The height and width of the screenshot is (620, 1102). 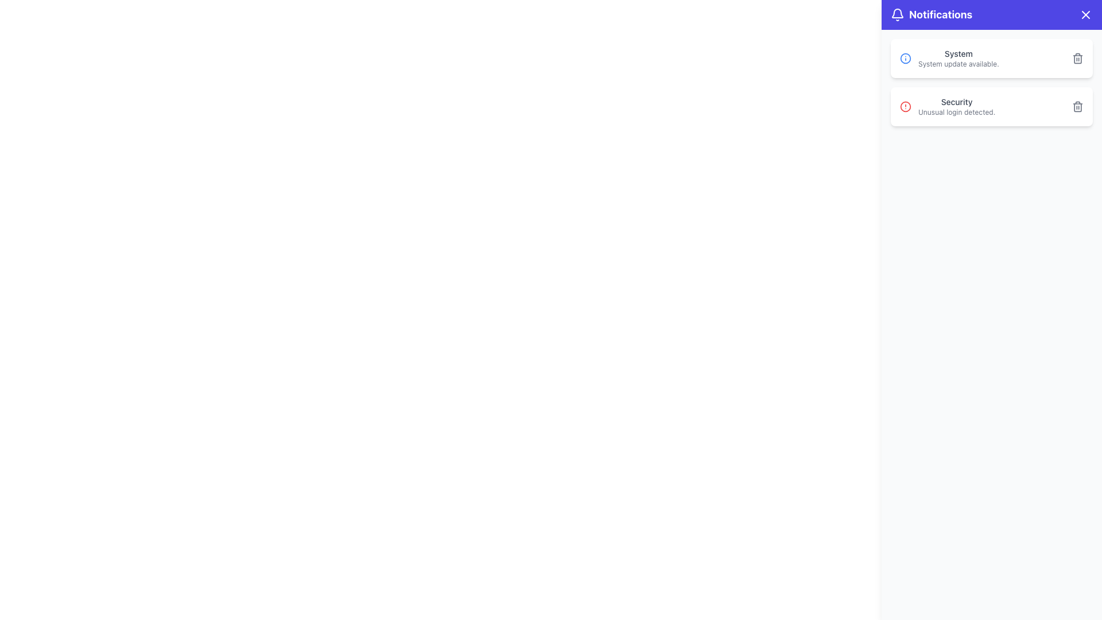 What do you see at coordinates (1085, 15) in the screenshot?
I see `the 'X' icon button located` at bounding box center [1085, 15].